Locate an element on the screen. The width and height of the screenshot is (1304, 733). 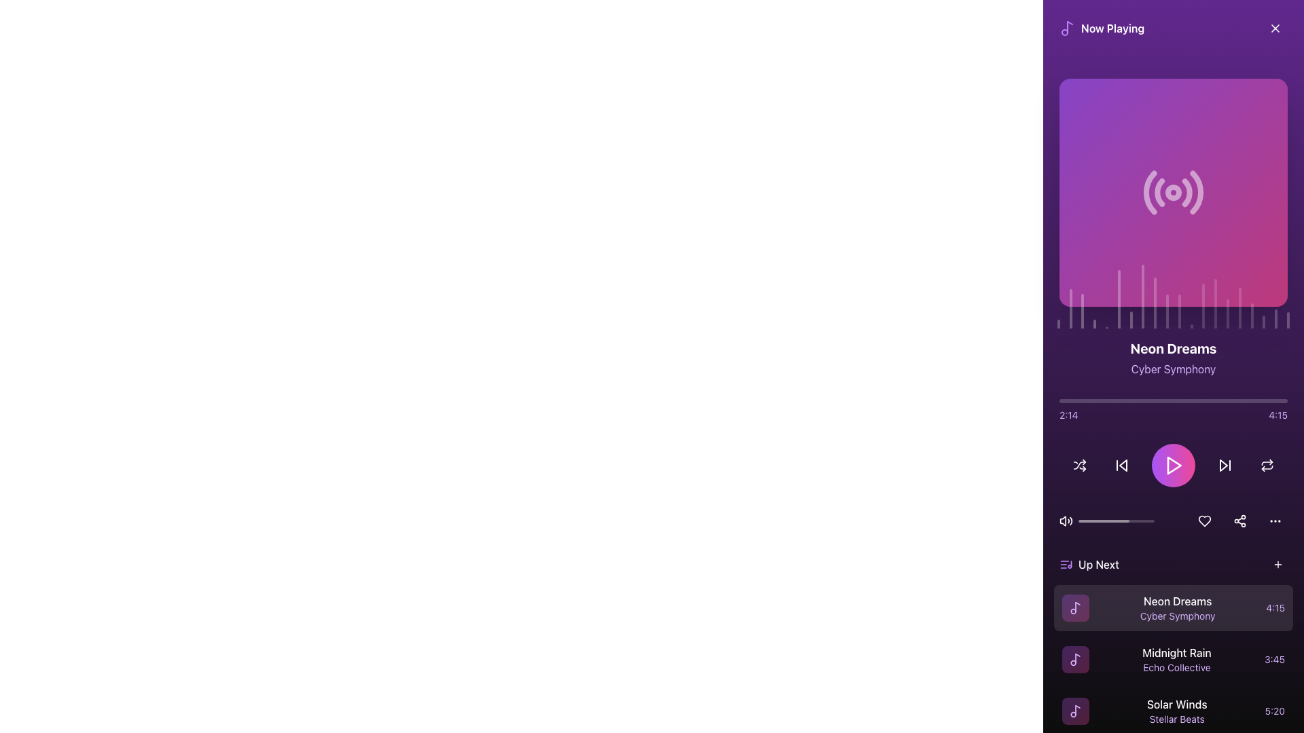
the decorative music note icon styled in purple (#6A36BF) located at the top-left of the 'Now Playing' header is located at coordinates (1066, 29).